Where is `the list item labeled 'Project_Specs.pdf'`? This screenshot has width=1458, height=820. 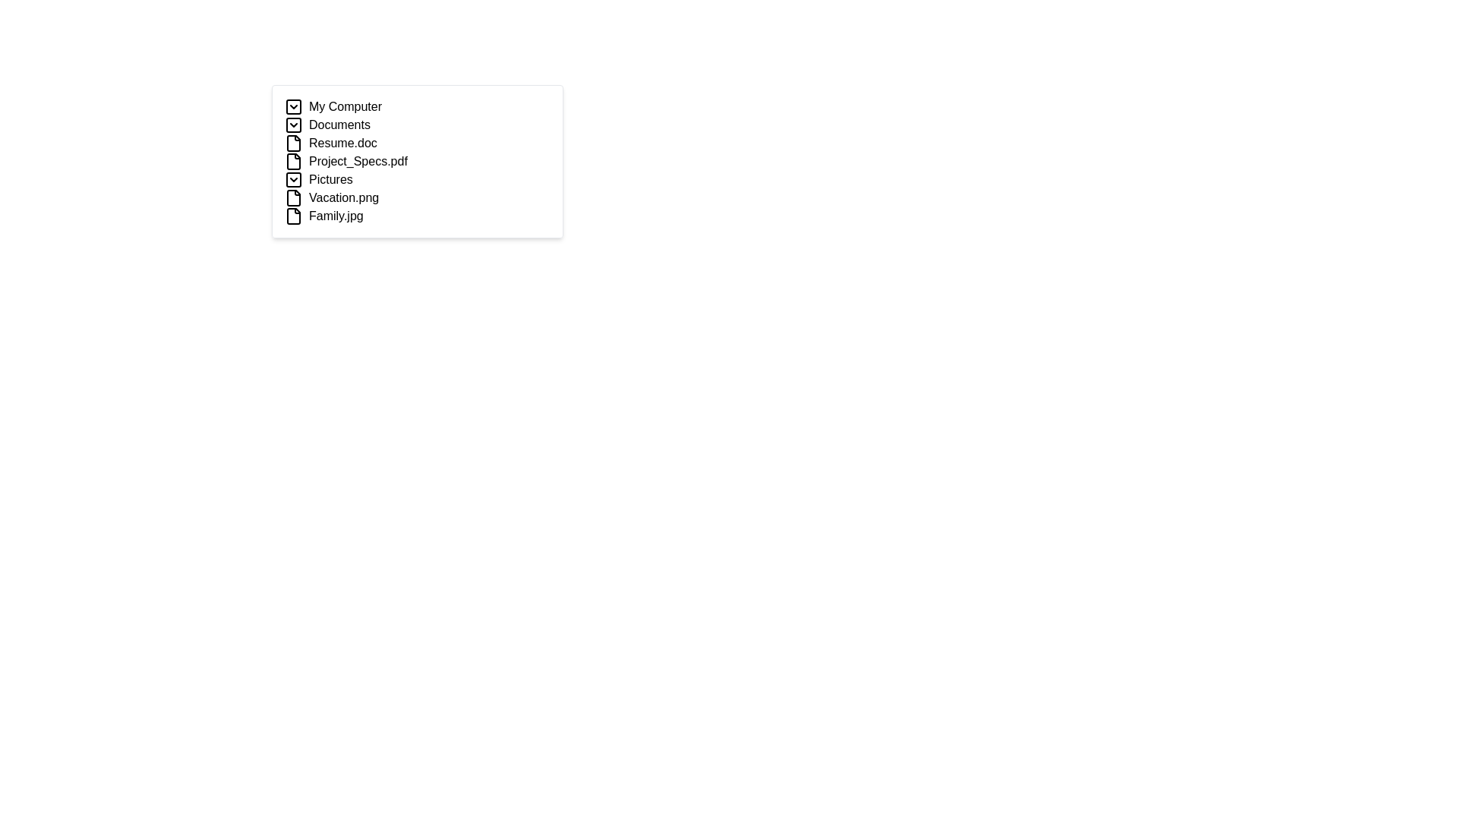 the list item labeled 'Project_Specs.pdf' is located at coordinates (418, 161).